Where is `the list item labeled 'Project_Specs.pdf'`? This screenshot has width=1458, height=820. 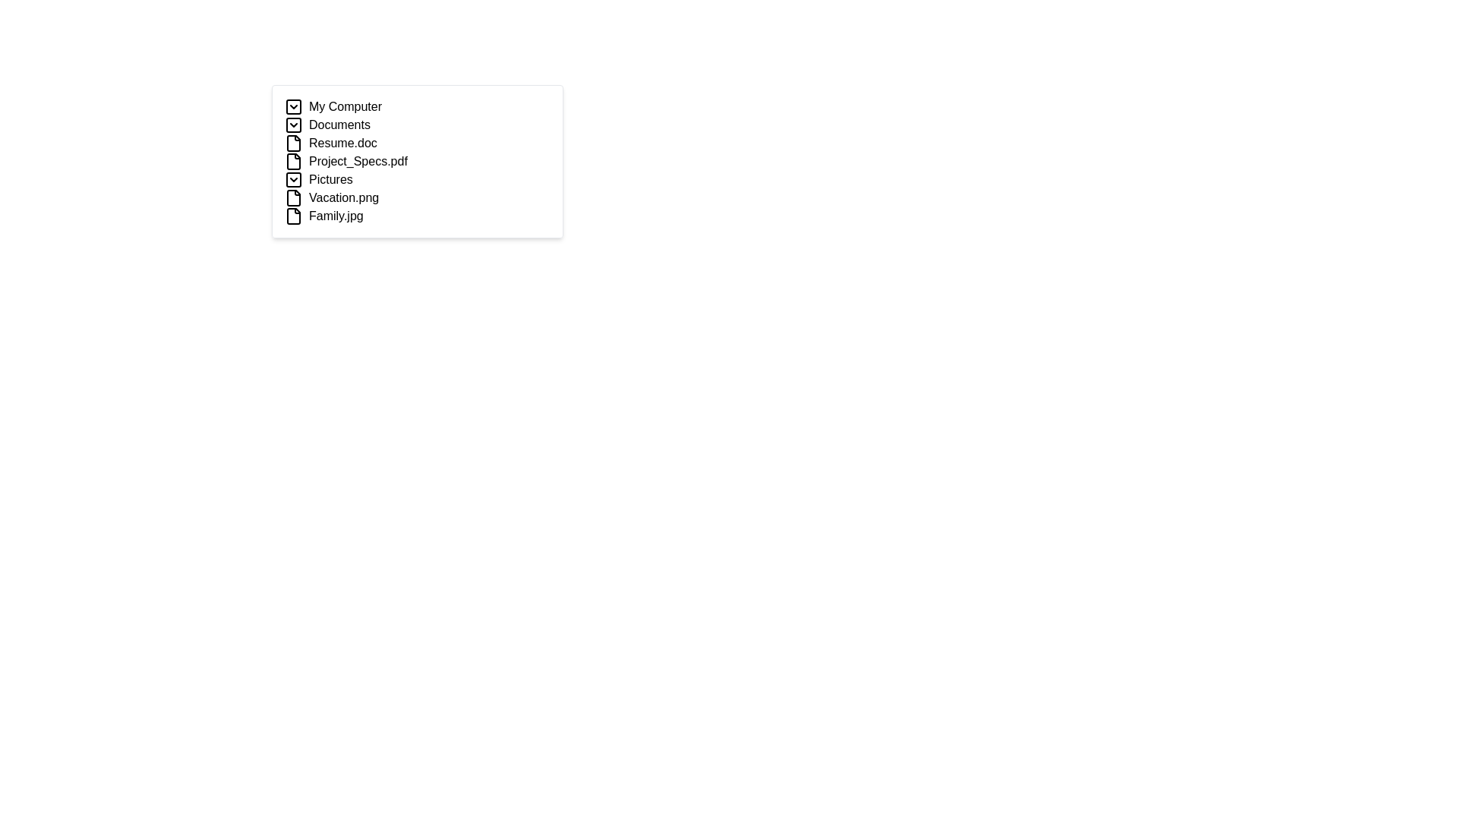 the list item labeled 'Project_Specs.pdf' is located at coordinates (418, 161).